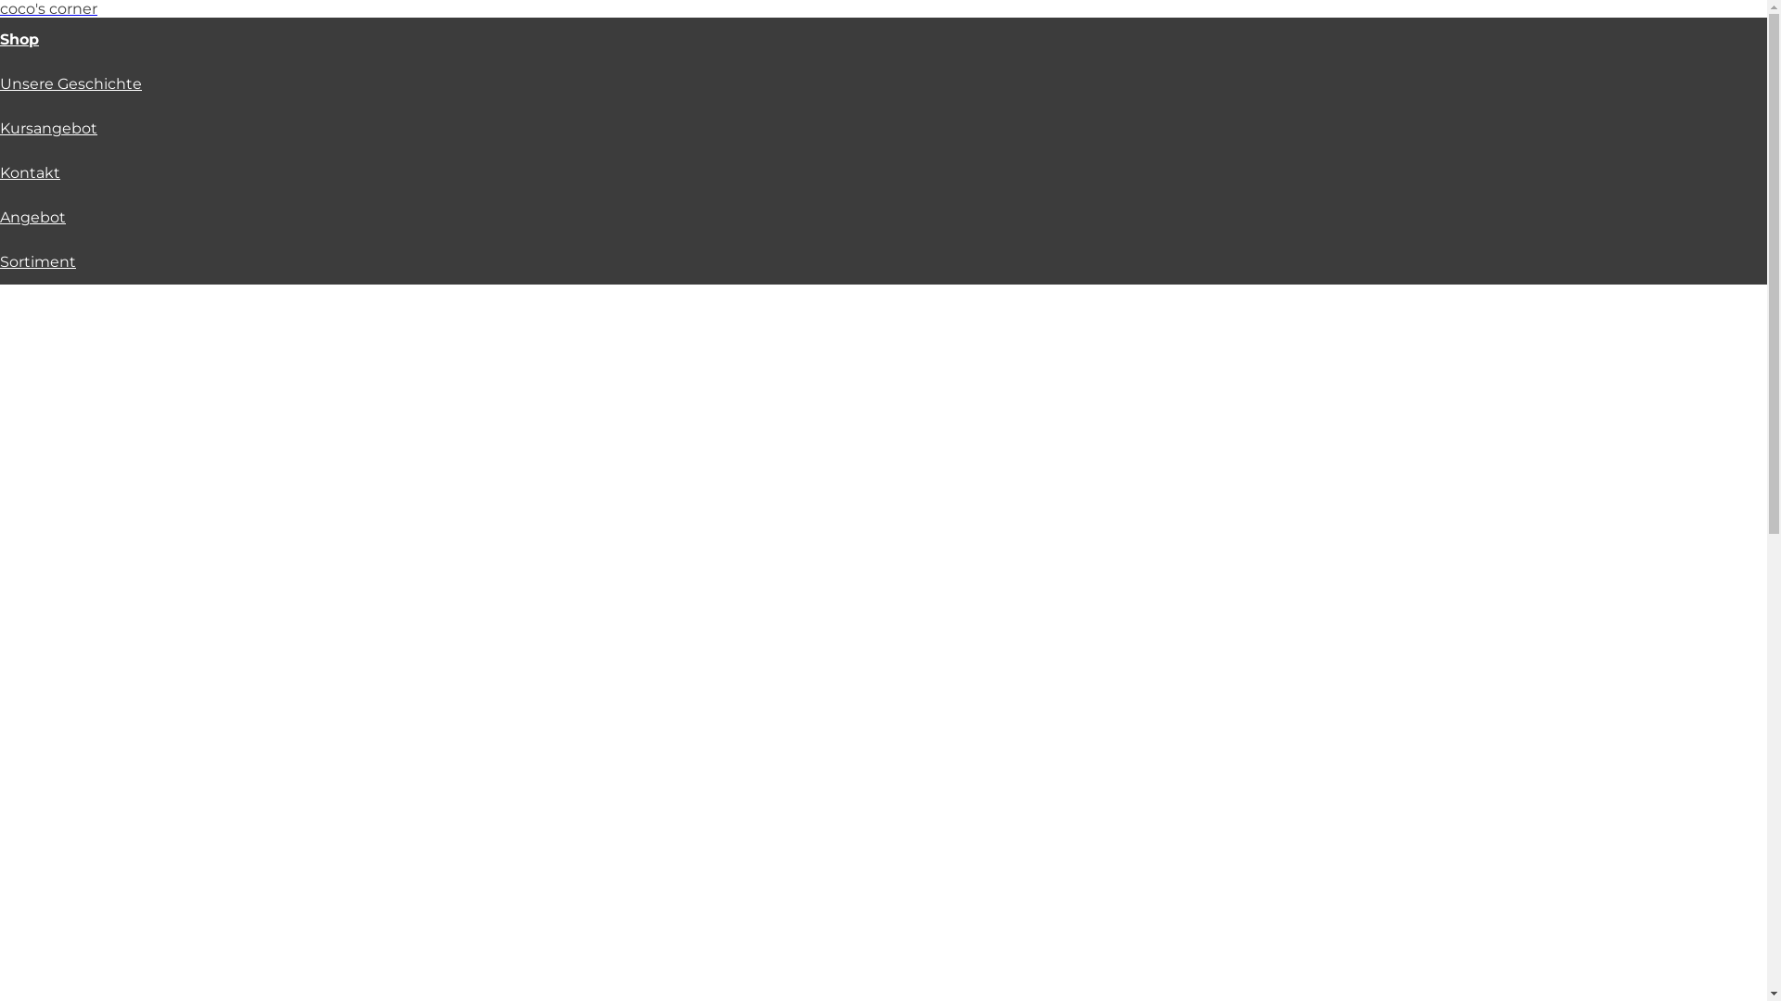  I want to click on 'Sortiment', so click(38, 261).